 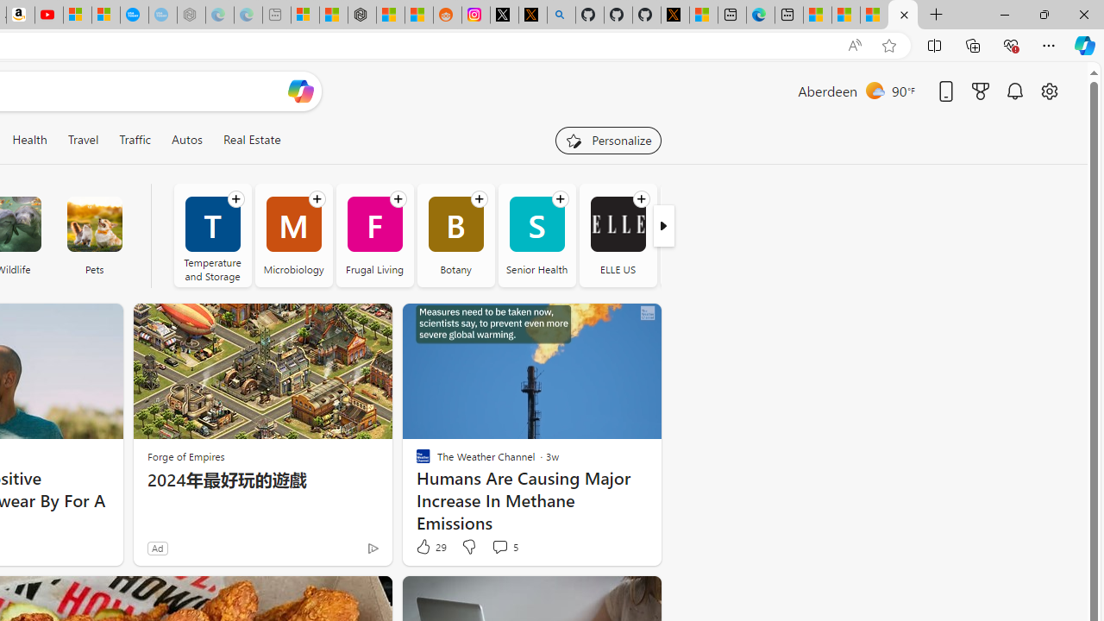 I want to click on 'Forge of Empires', so click(x=185, y=455).